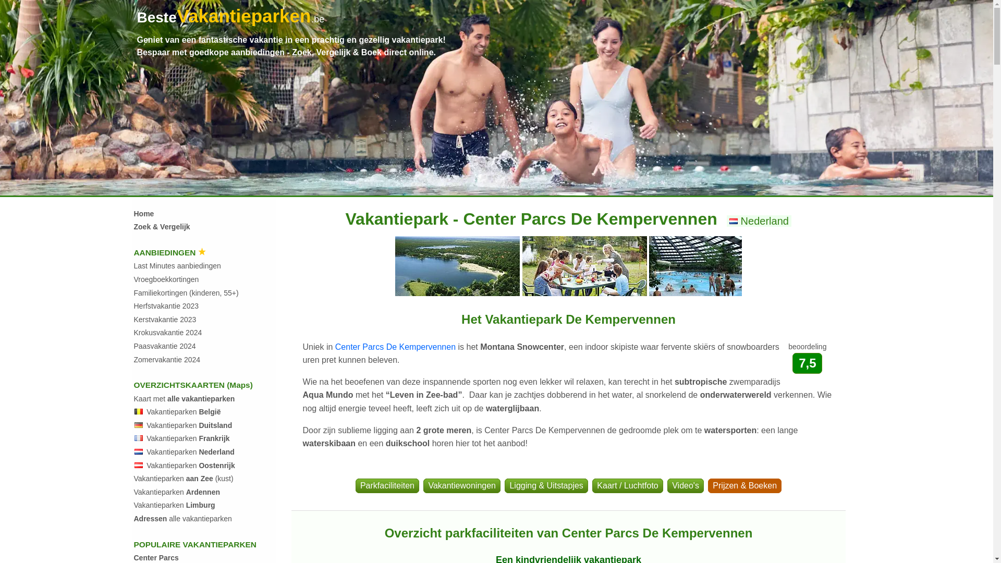 The image size is (1001, 563). I want to click on 'Kaart met alle vakantieparken', so click(184, 398).